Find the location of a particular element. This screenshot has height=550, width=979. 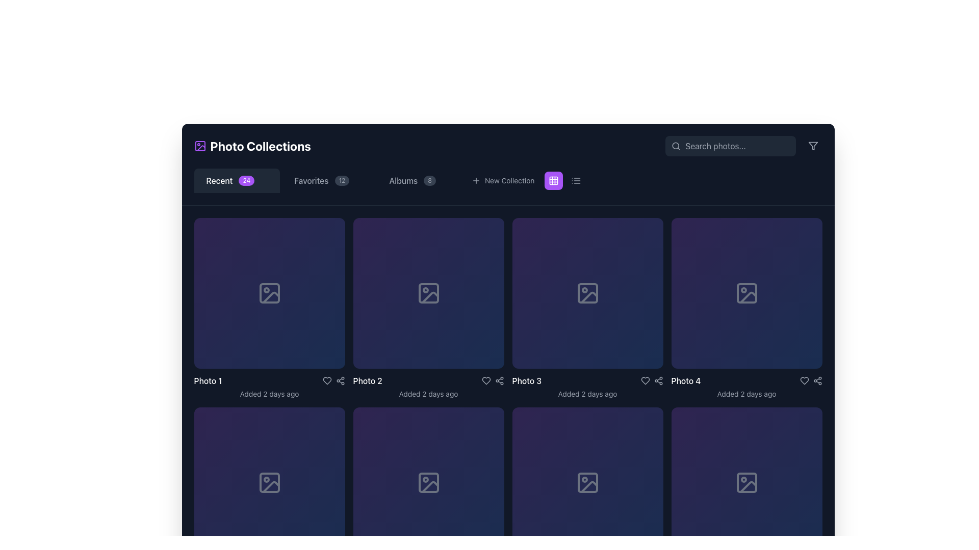

the like or favorite button located to the right of the 'Photo 4' label, which marks the associated photo as a favorite is located at coordinates (804, 381).